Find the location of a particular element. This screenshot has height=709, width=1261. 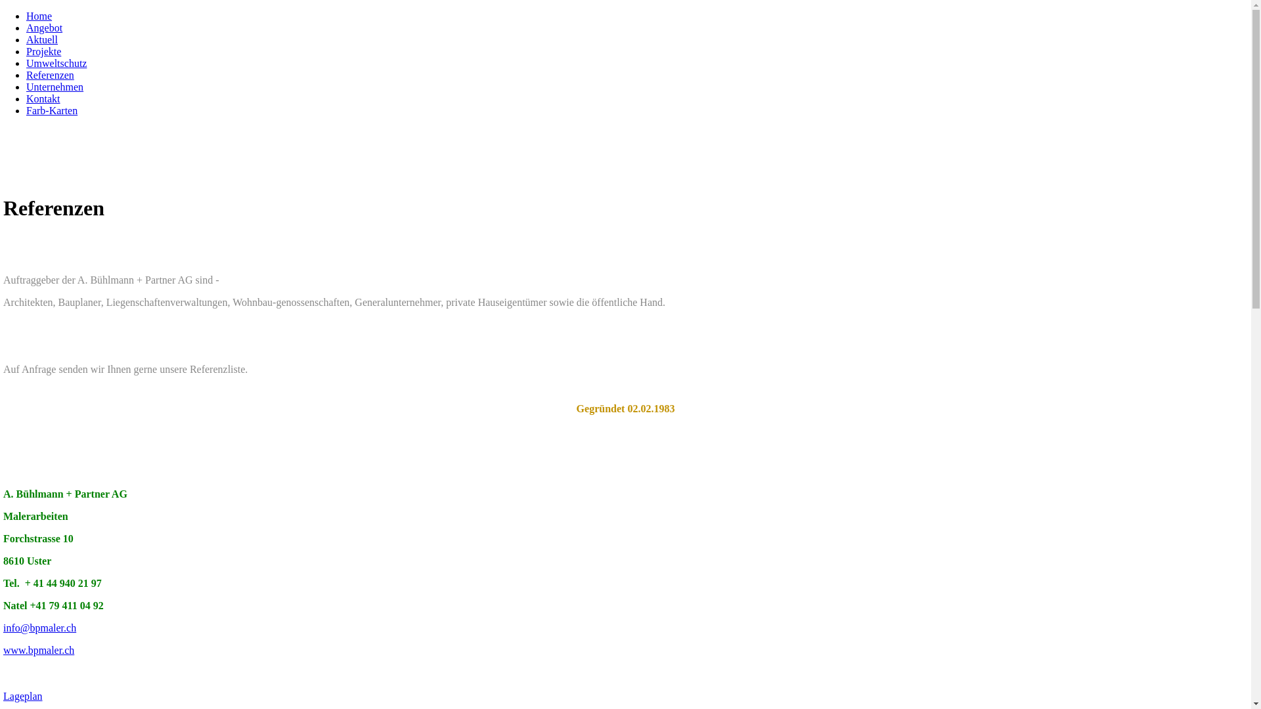

'Lageplan' is located at coordinates (22, 695).